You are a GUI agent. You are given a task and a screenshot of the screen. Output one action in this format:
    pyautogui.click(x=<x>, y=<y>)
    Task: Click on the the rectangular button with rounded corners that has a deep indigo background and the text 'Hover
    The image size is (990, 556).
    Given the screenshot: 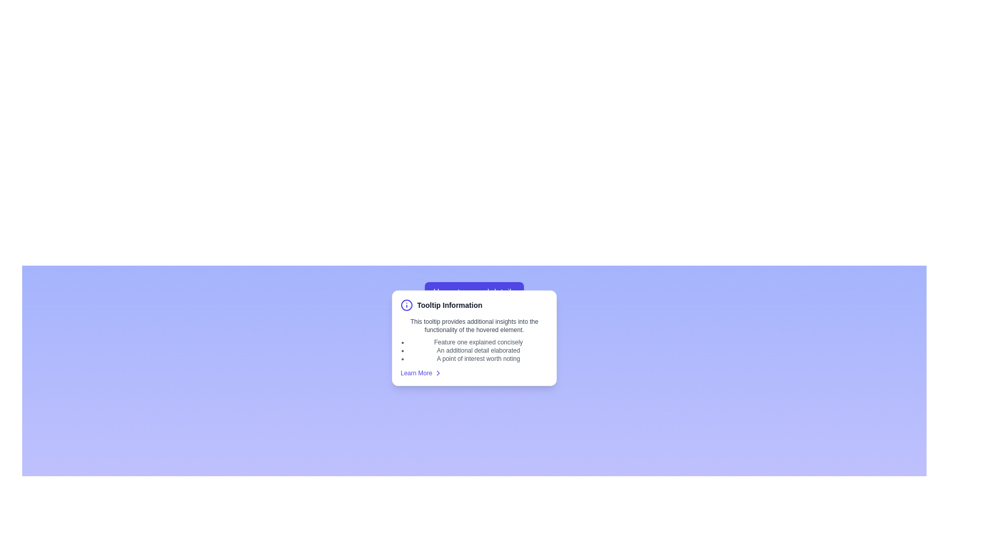 What is the action you would take?
    pyautogui.click(x=474, y=292)
    